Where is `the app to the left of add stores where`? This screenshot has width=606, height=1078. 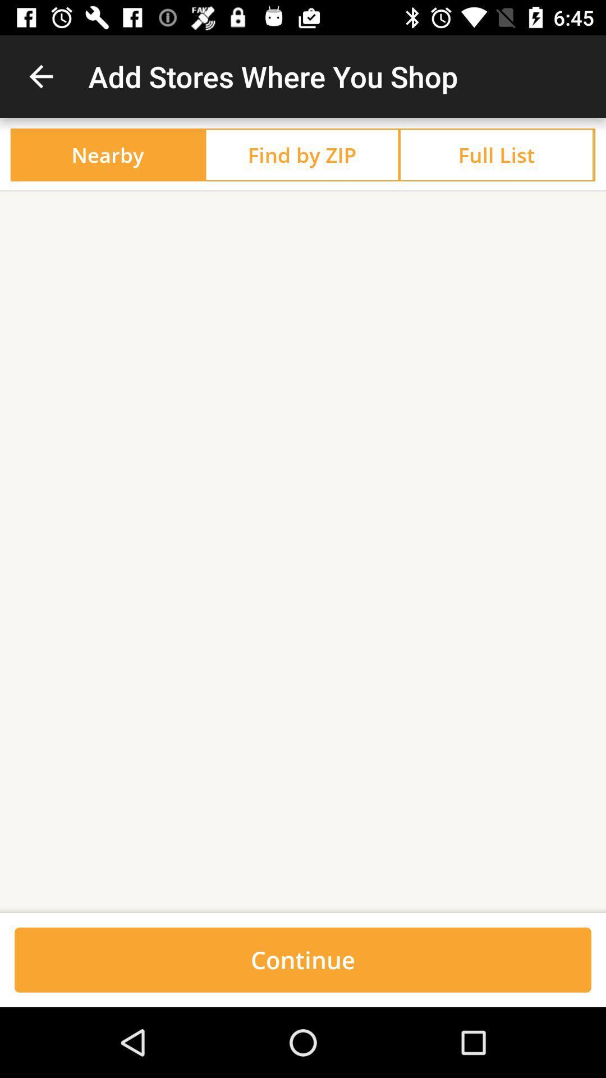
the app to the left of add stores where is located at coordinates (40, 76).